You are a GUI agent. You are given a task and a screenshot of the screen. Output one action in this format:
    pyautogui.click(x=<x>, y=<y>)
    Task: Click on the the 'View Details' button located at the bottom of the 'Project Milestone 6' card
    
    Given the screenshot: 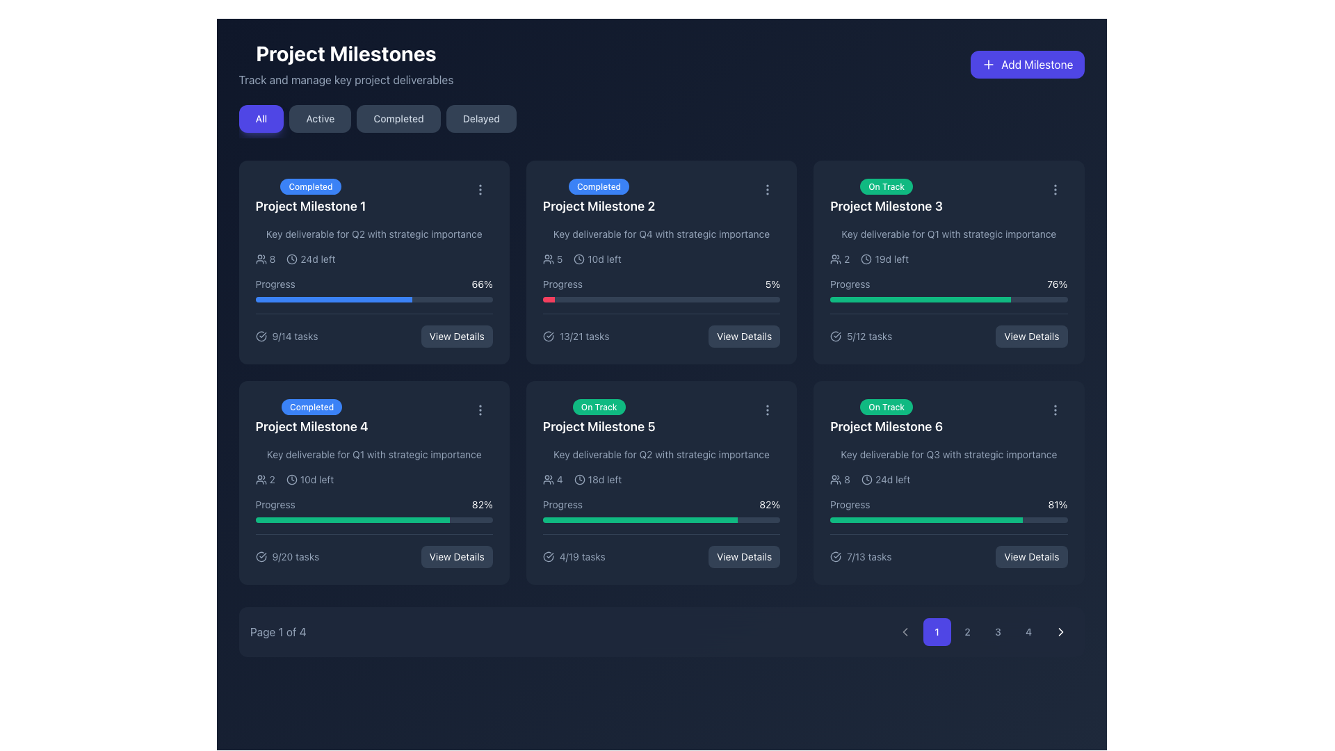 What is the action you would take?
    pyautogui.click(x=948, y=550)
    